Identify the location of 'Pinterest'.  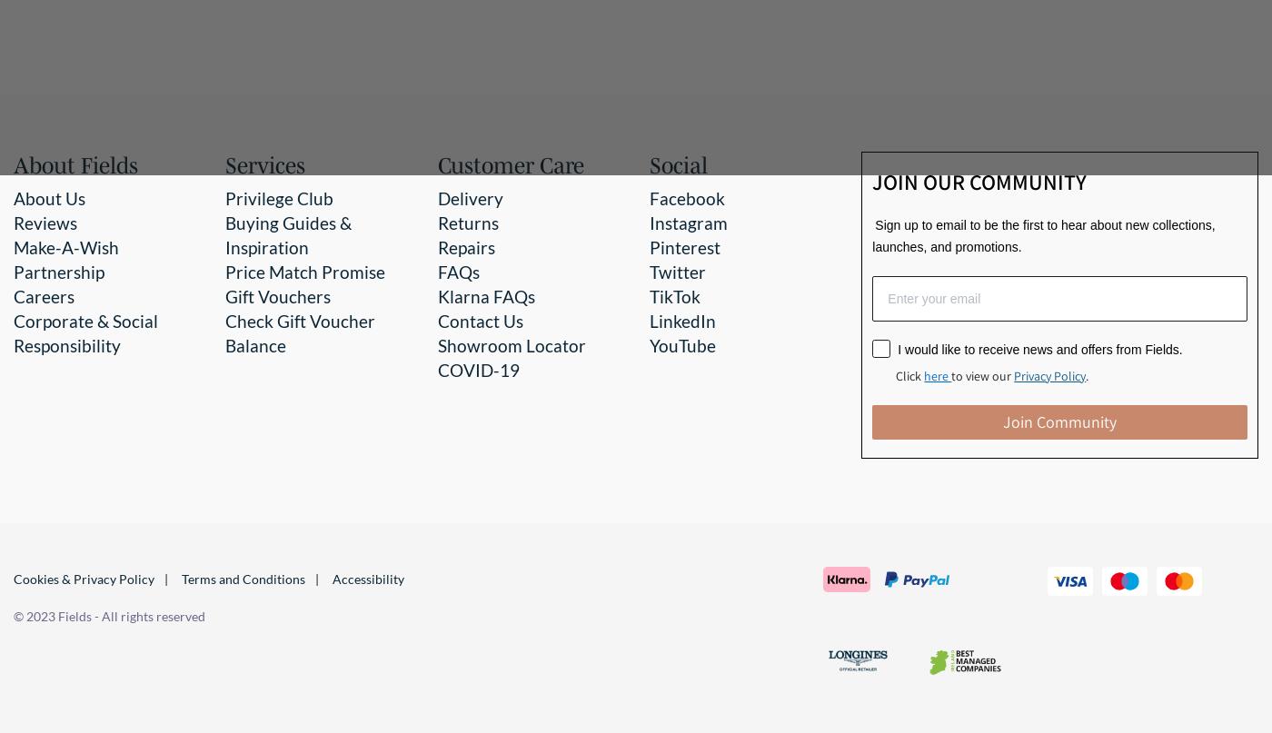
(685, 245).